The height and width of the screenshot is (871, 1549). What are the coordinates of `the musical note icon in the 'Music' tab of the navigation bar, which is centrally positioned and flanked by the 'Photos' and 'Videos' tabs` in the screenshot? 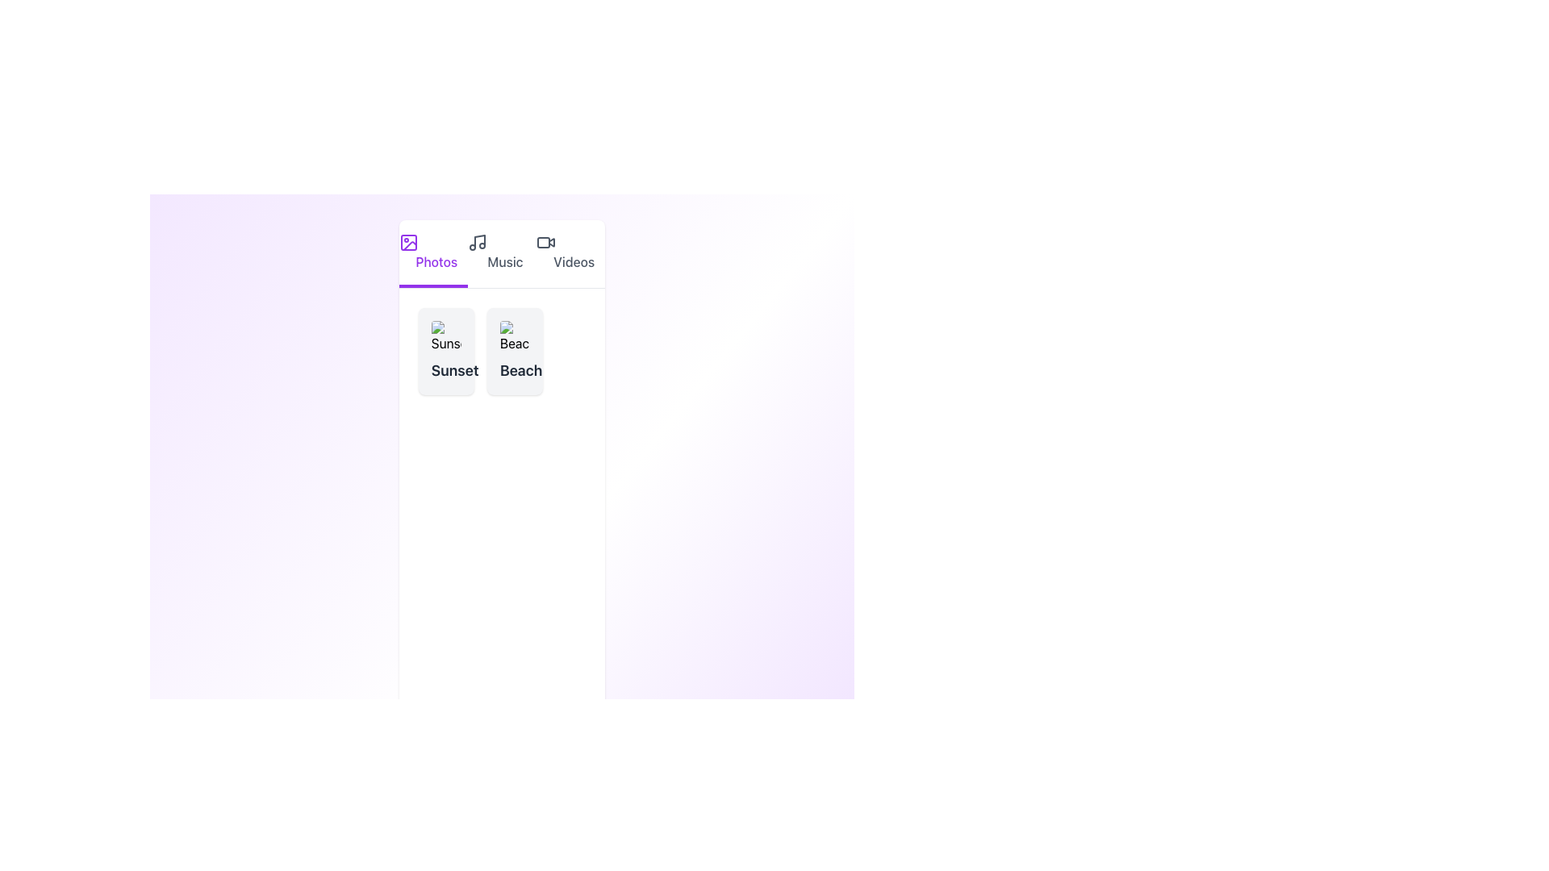 It's located at (476, 242).